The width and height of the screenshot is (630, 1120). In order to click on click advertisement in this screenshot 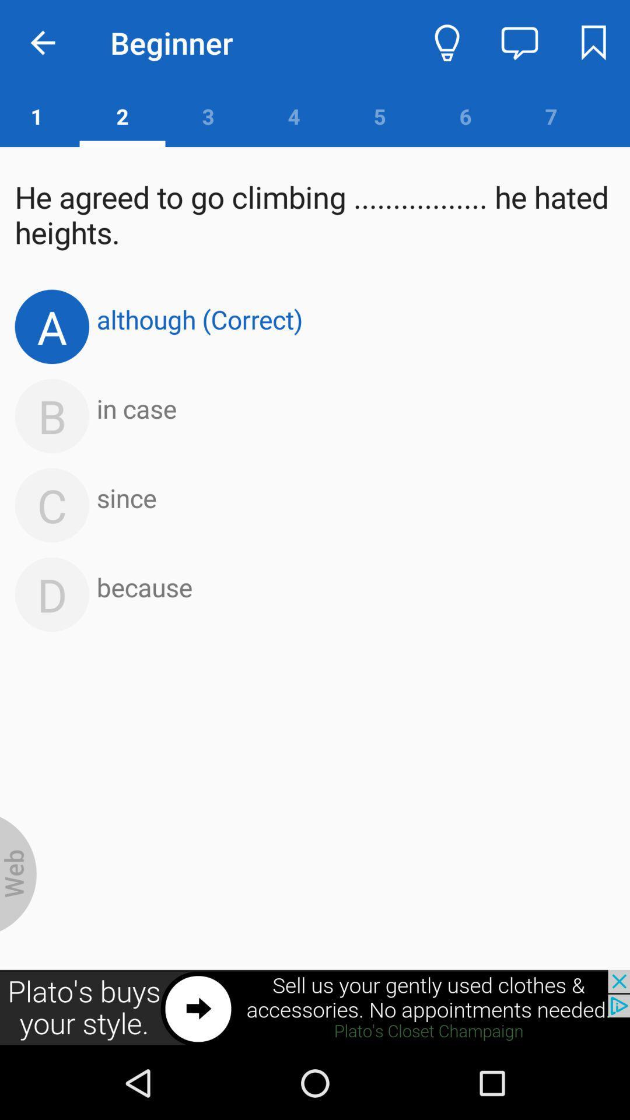, I will do `click(315, 1007)`.